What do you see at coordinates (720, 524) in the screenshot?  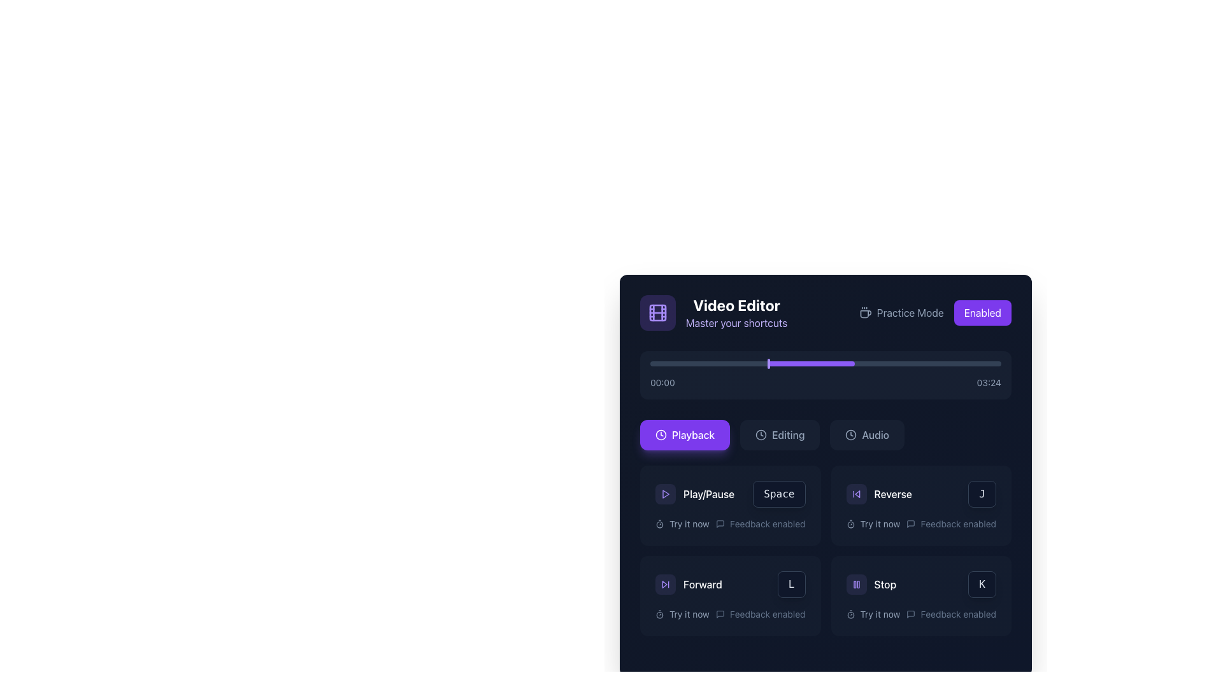 I see `the feedback indicator icon located to the left of the 'Feedback enabled' text to interact with the feedback feature` at bounding box center [720, 524].